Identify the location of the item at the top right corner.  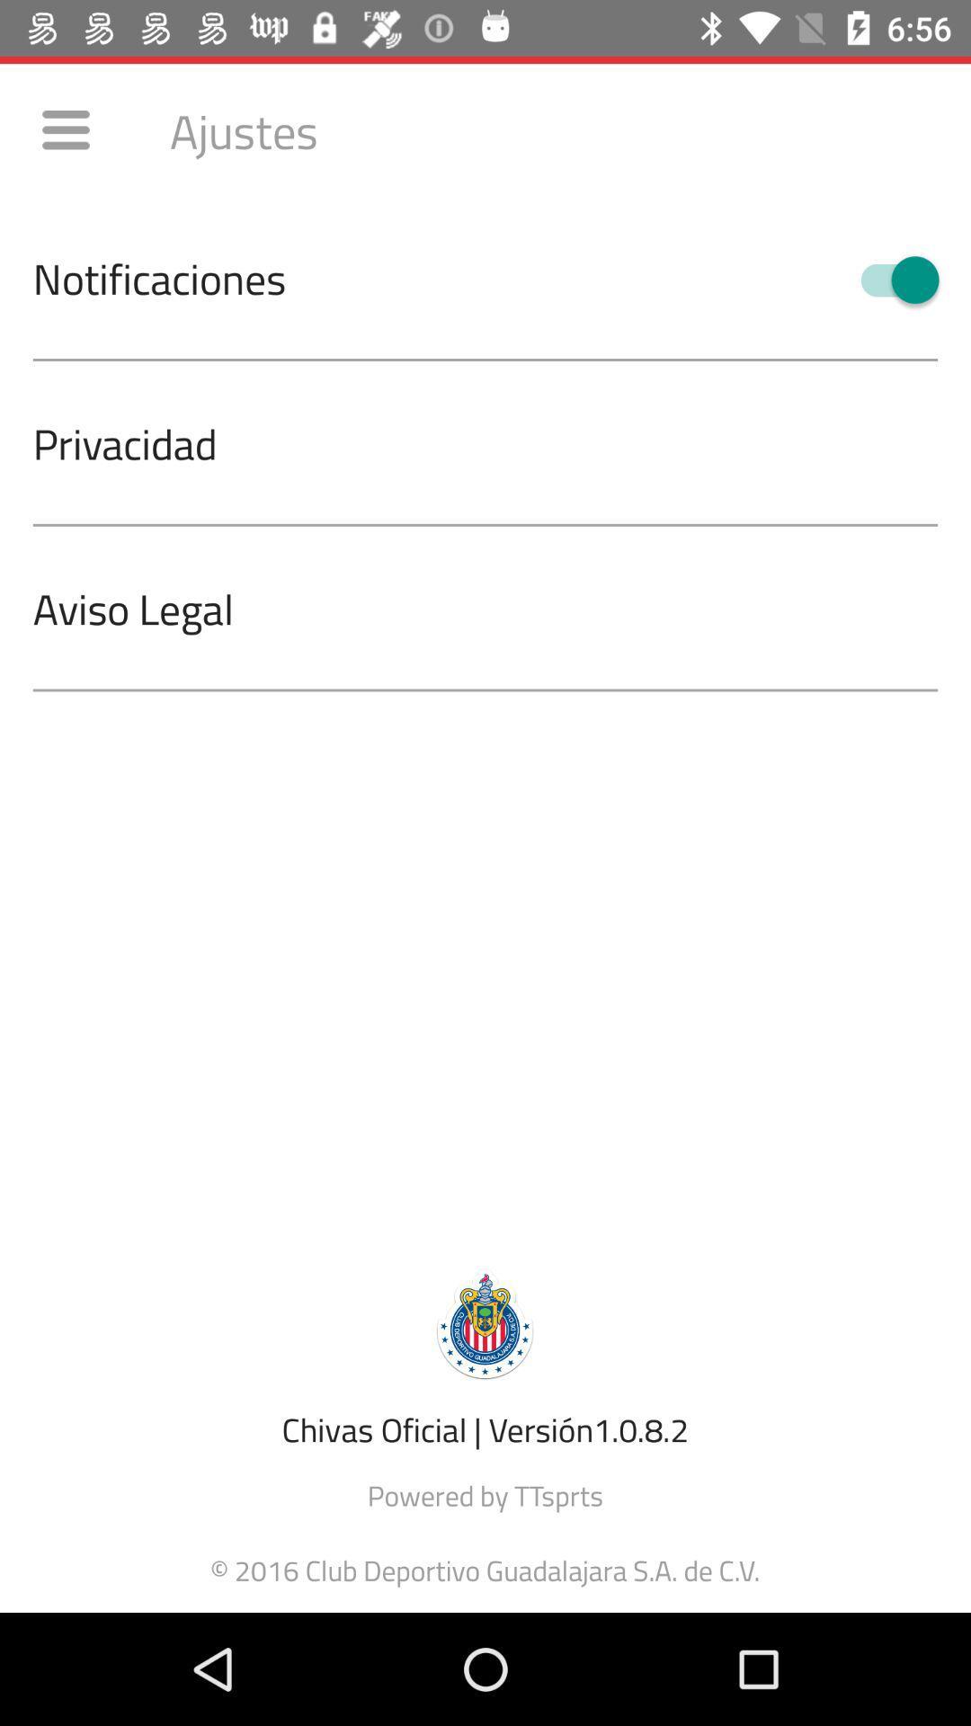
(891, 279).